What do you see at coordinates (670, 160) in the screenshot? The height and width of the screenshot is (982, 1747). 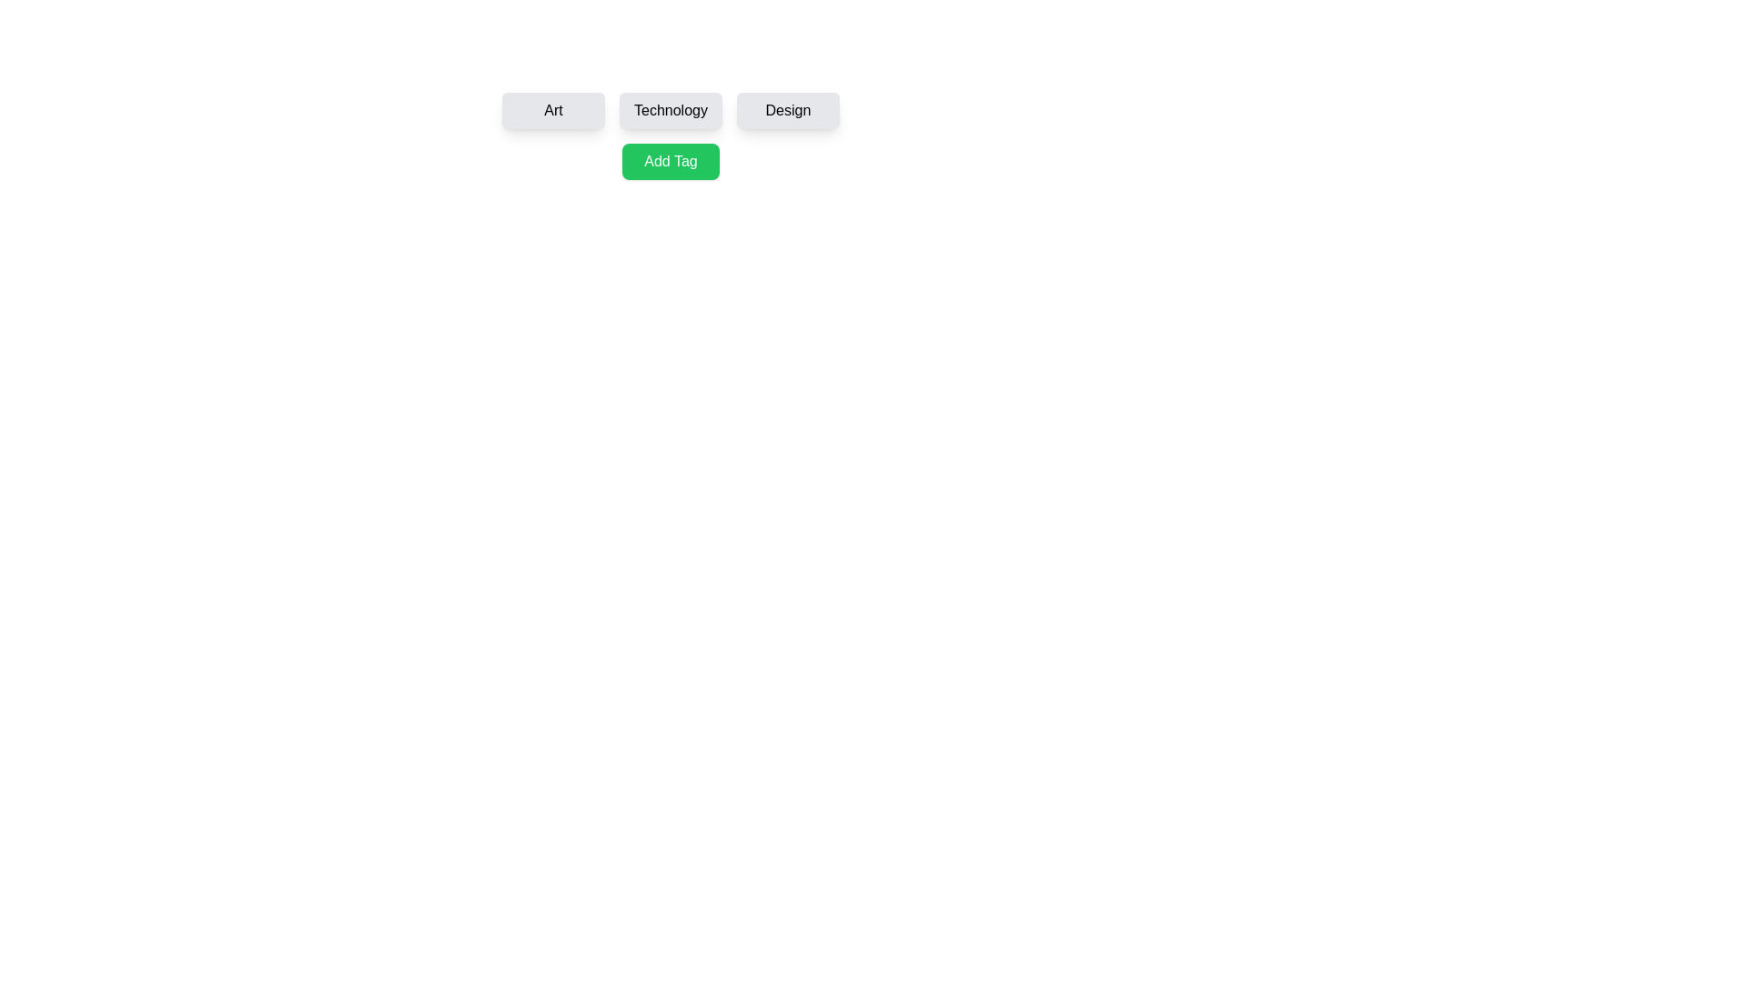 I see `the 'Add Tag' button to add a new tag` at bounding box center [670, 160].